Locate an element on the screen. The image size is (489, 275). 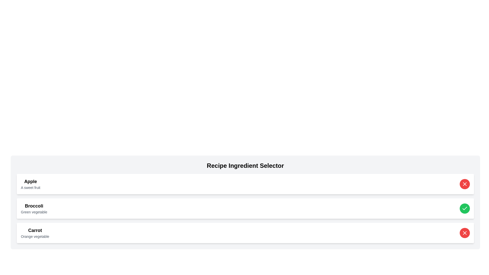
the text label identifying the ingredient 'Broccoli' in the ingredients selection list, which is positioned above 'Green vegetable' and below 'Apple.' is located at coordinates (34, 206).